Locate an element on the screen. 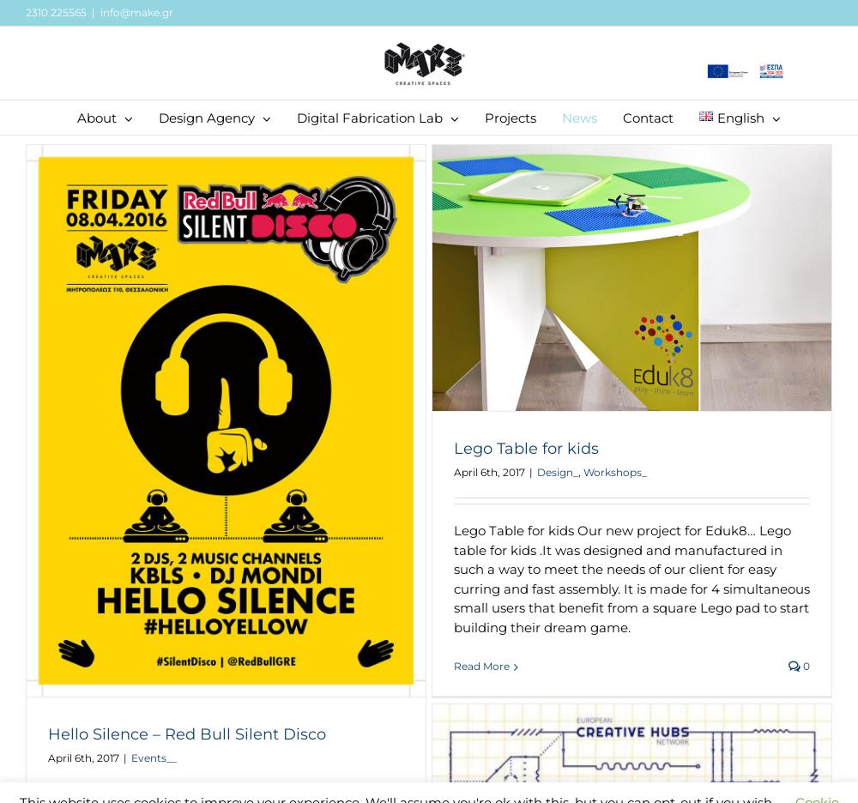 The width and height of the screenshot is (858, 803). 'Read More' is located at coordinates (481, 666).